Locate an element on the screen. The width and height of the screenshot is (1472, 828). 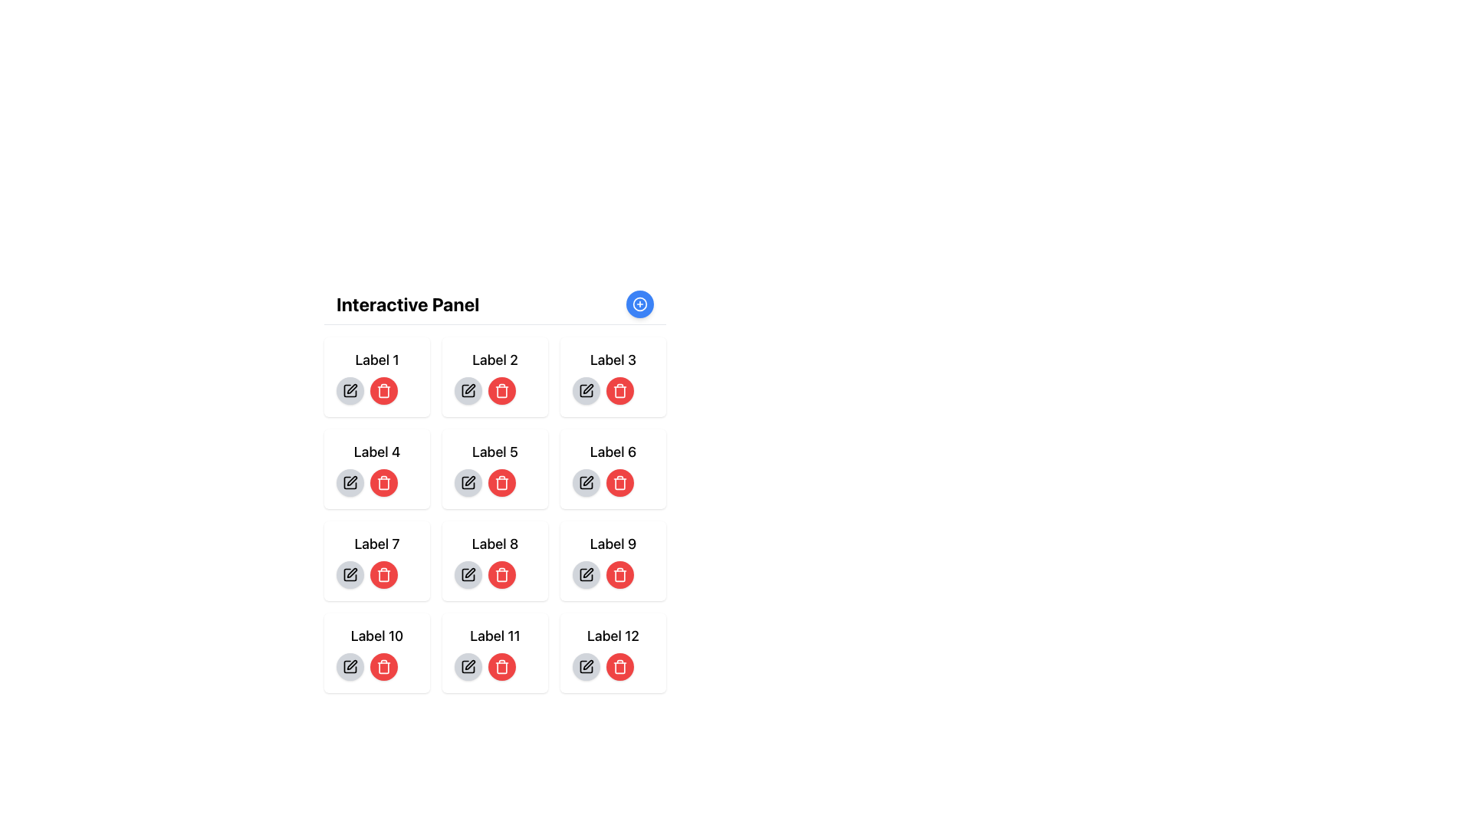
the circular red button with a white trash can icon, located in the 'Label 8' panel is located at coordinates (501, 574).